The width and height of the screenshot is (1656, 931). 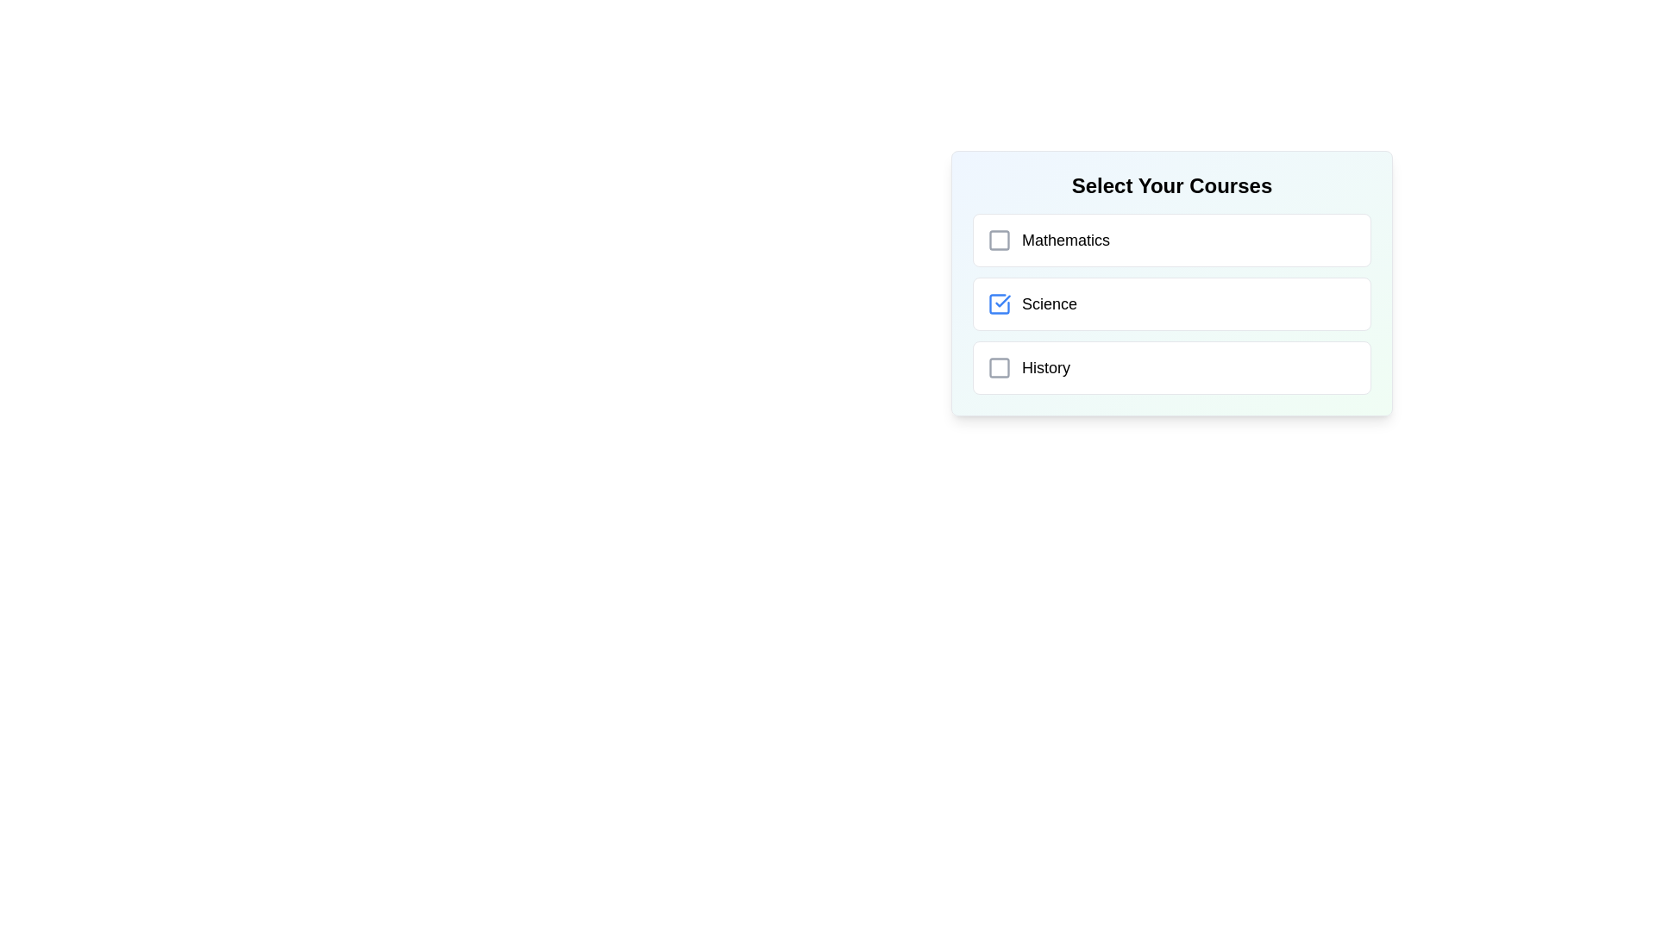 I want to click on the static text heading that labels the selectable course options above the courses listed below it, so click(x=1171, y=186).